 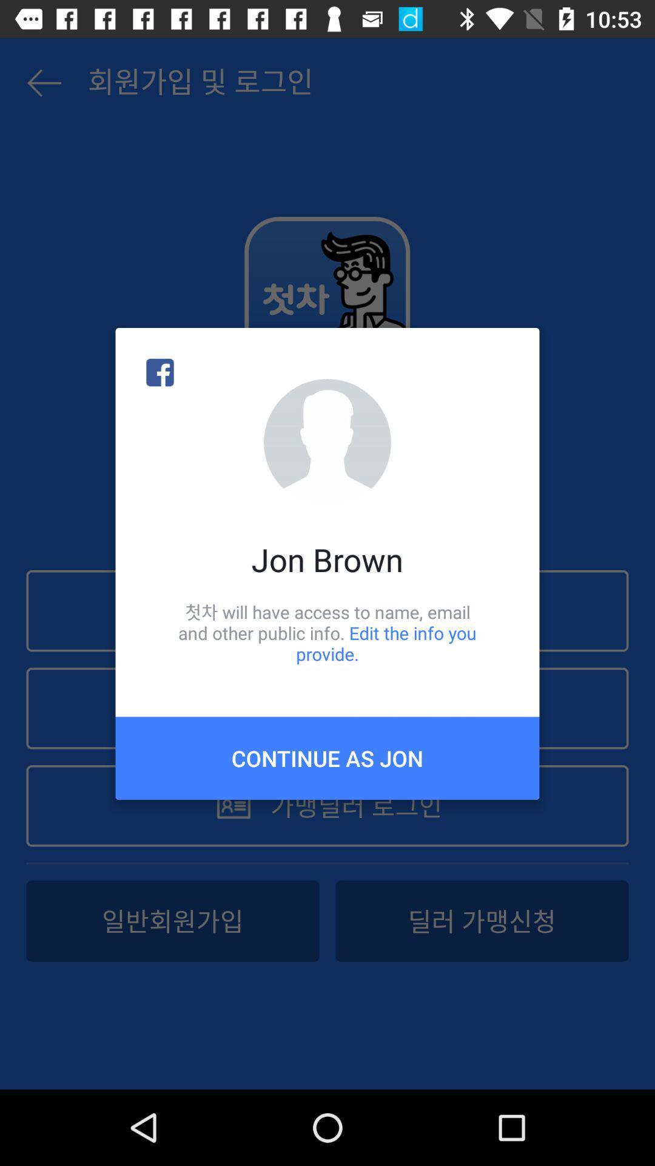 What do you see at coordinates (327, 757) in the screenshot?
I see `the continue as jon` at bounding box center [327, 757].